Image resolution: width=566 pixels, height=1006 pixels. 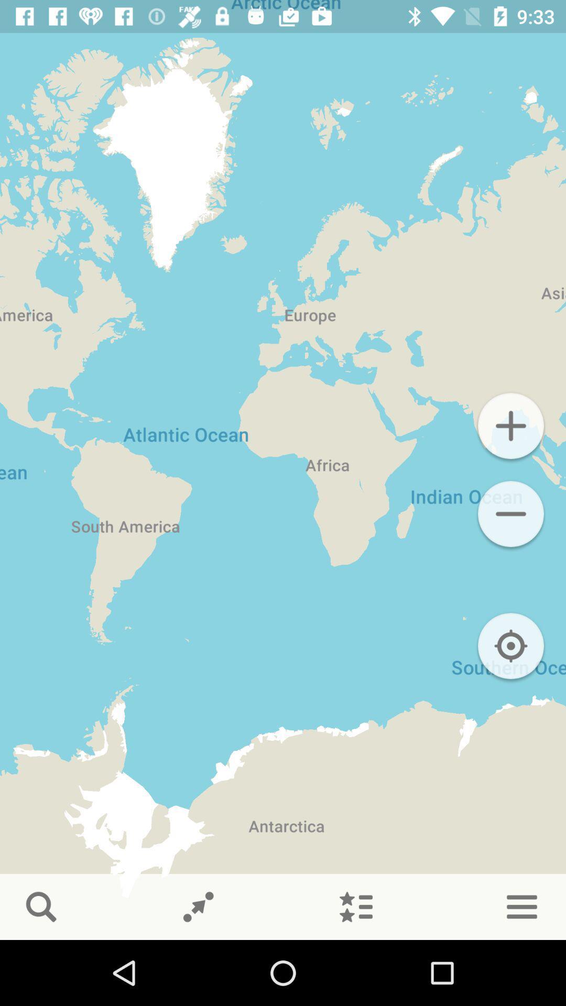 What do you see at coordinates (510, 646) in the screenshot?
I see `the location_crosshair icon` at bounding box center [510, 646].